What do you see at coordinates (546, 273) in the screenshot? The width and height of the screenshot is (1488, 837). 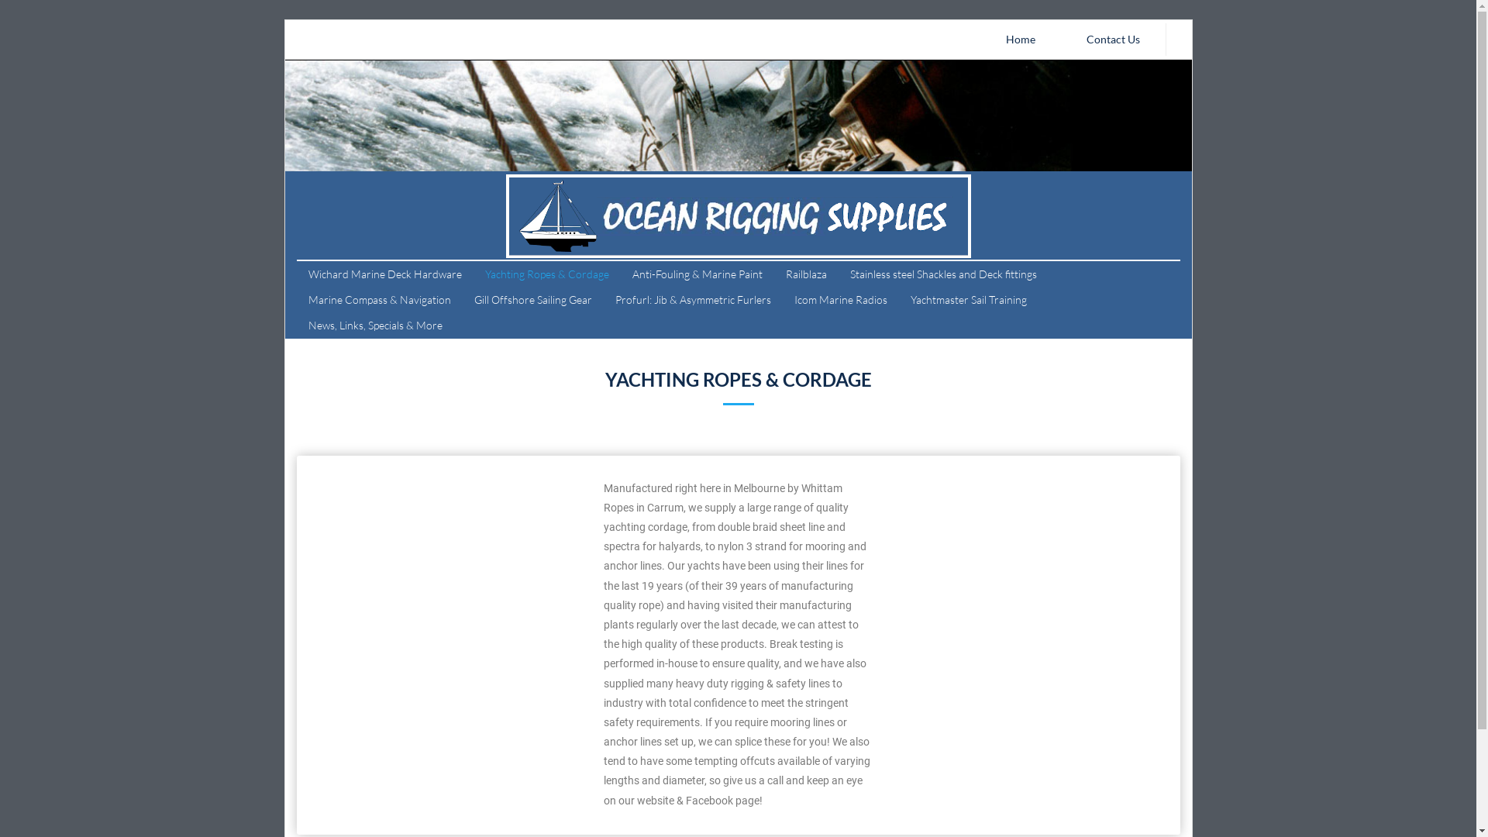 I see `'Yachting Ropes & Cordage'` at bounding box center [546, 273].